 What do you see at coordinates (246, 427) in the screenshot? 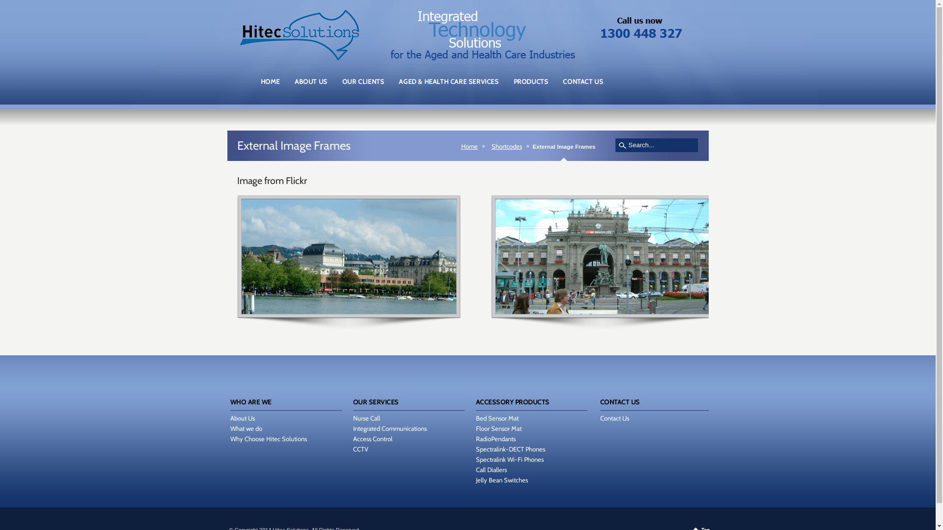
I see `'What we do'` at bounding box center [246, 427].